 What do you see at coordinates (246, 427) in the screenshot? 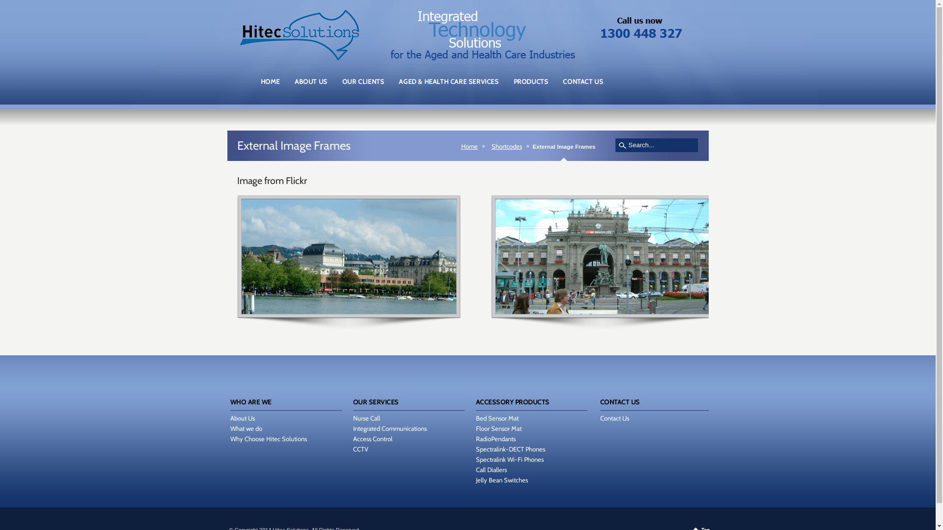
I see `'What we do'` at bounding box center [246, 427].